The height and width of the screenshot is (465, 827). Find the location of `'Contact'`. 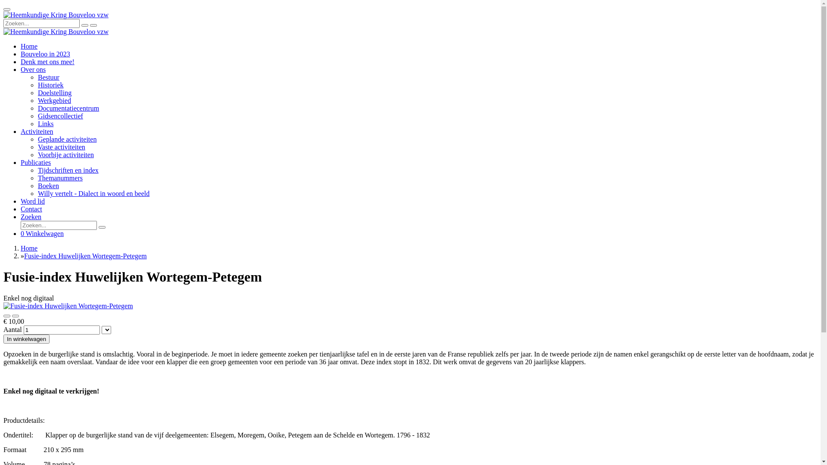

'Contact' is located at coordinates (31, 209).